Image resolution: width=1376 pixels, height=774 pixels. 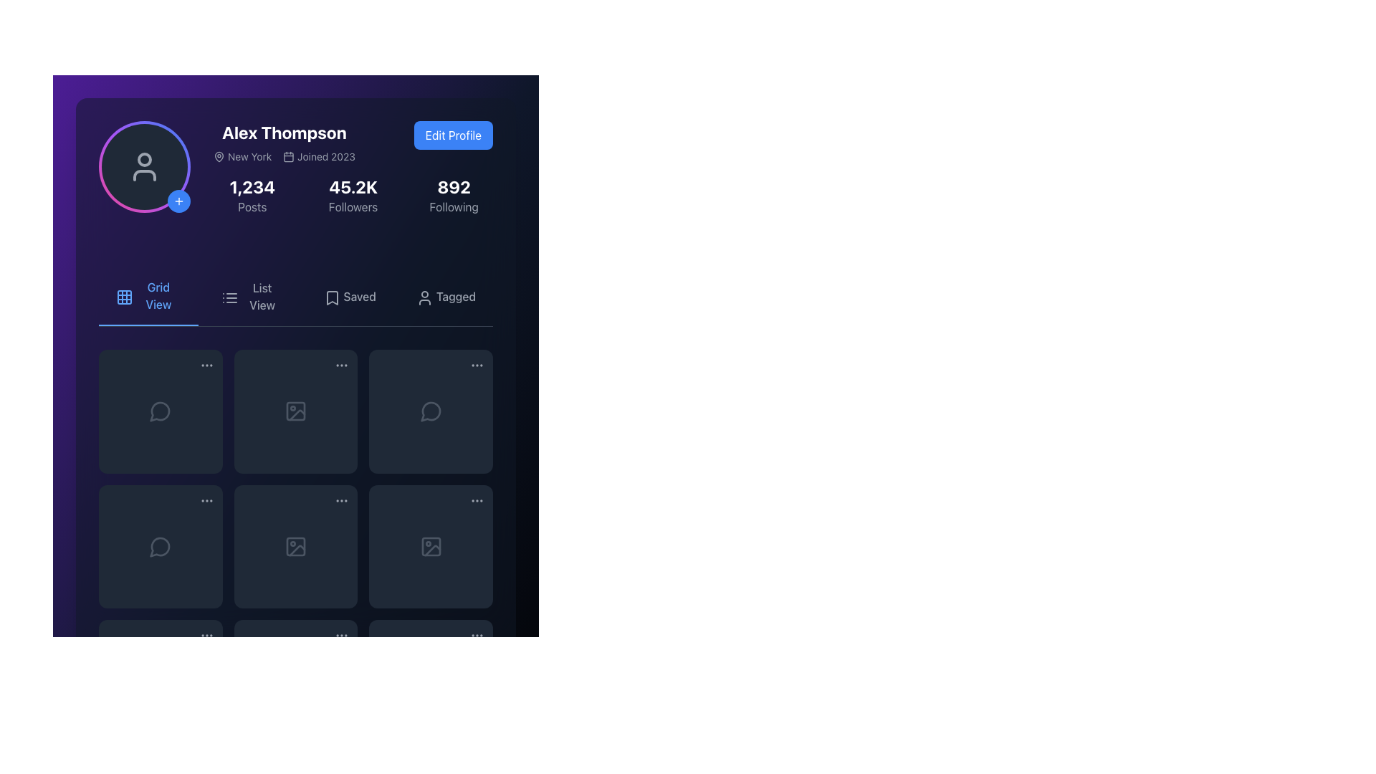 I want to click on the 'List View' button located in the horizontal navigation bar below the profile information section, which is the second option among four sibling items, so click(x=295, y=295).